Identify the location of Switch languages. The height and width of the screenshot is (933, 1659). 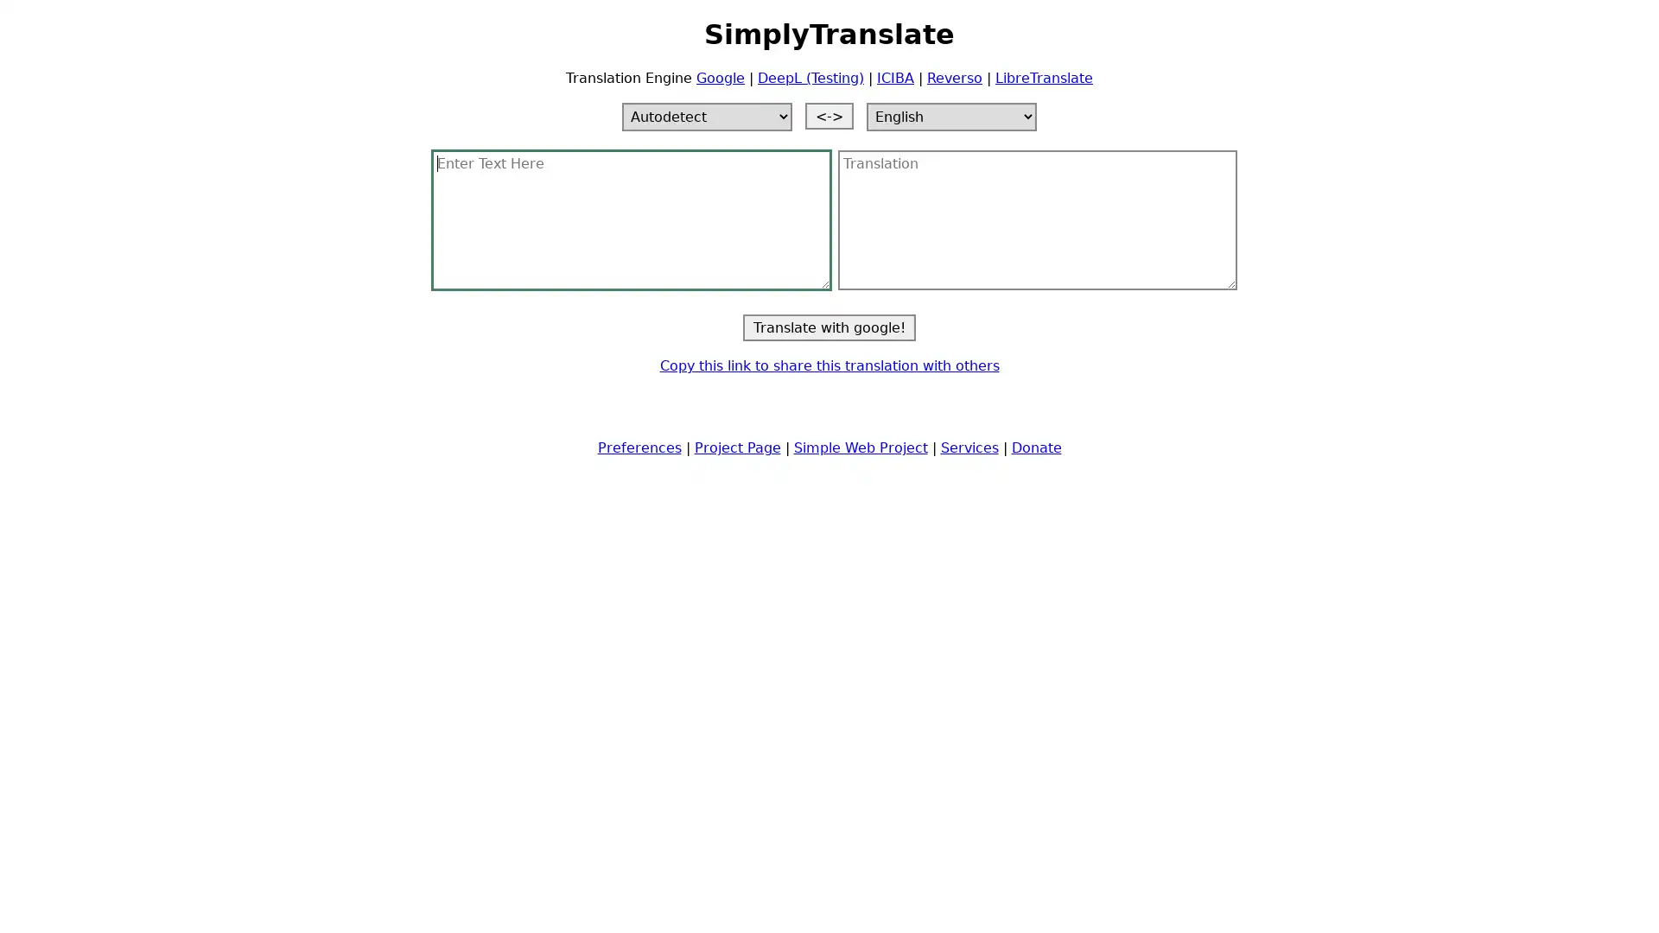
(829, 115).